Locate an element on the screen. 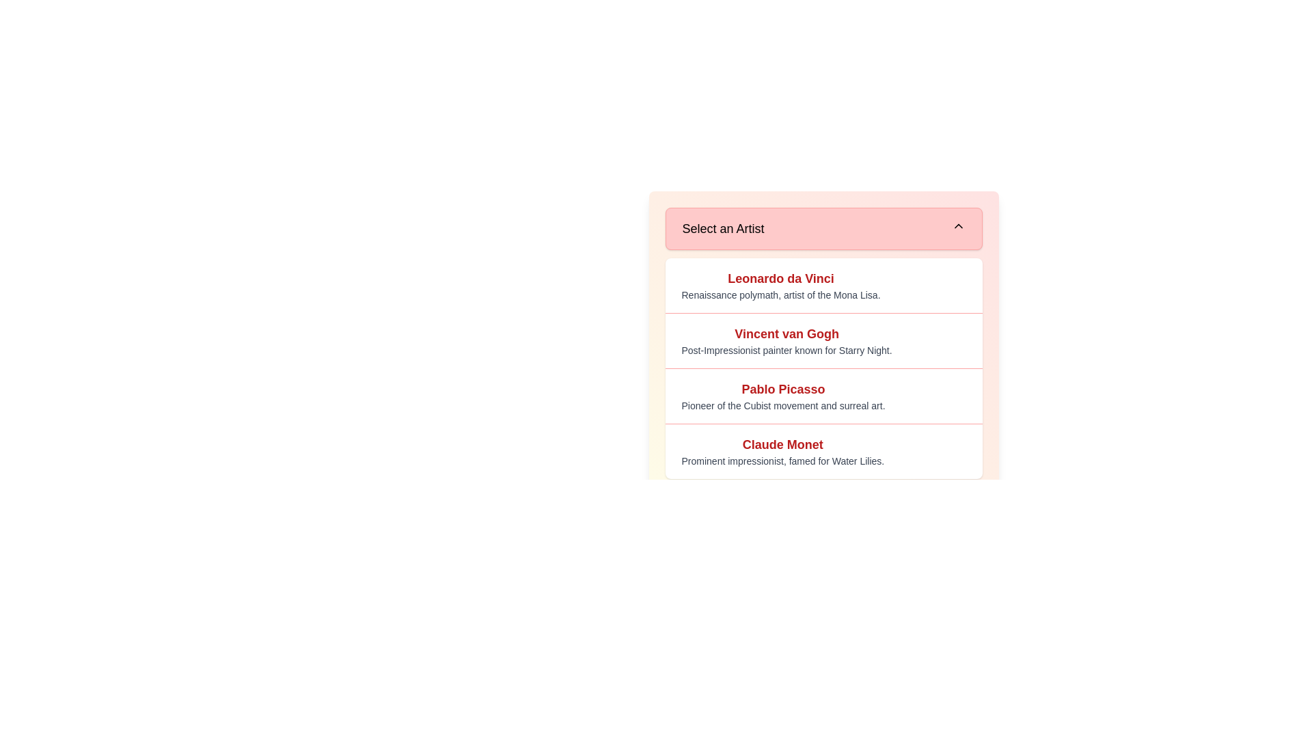 The image size is (1312, 738). text description that states 'Post-Impressionist painter known for Starry Night.' which is styled with a smaller font size and gray color, located beneath the title 'Vincent van Gogh' in the dropdown list of artist options is located at coordinates (787, 350).